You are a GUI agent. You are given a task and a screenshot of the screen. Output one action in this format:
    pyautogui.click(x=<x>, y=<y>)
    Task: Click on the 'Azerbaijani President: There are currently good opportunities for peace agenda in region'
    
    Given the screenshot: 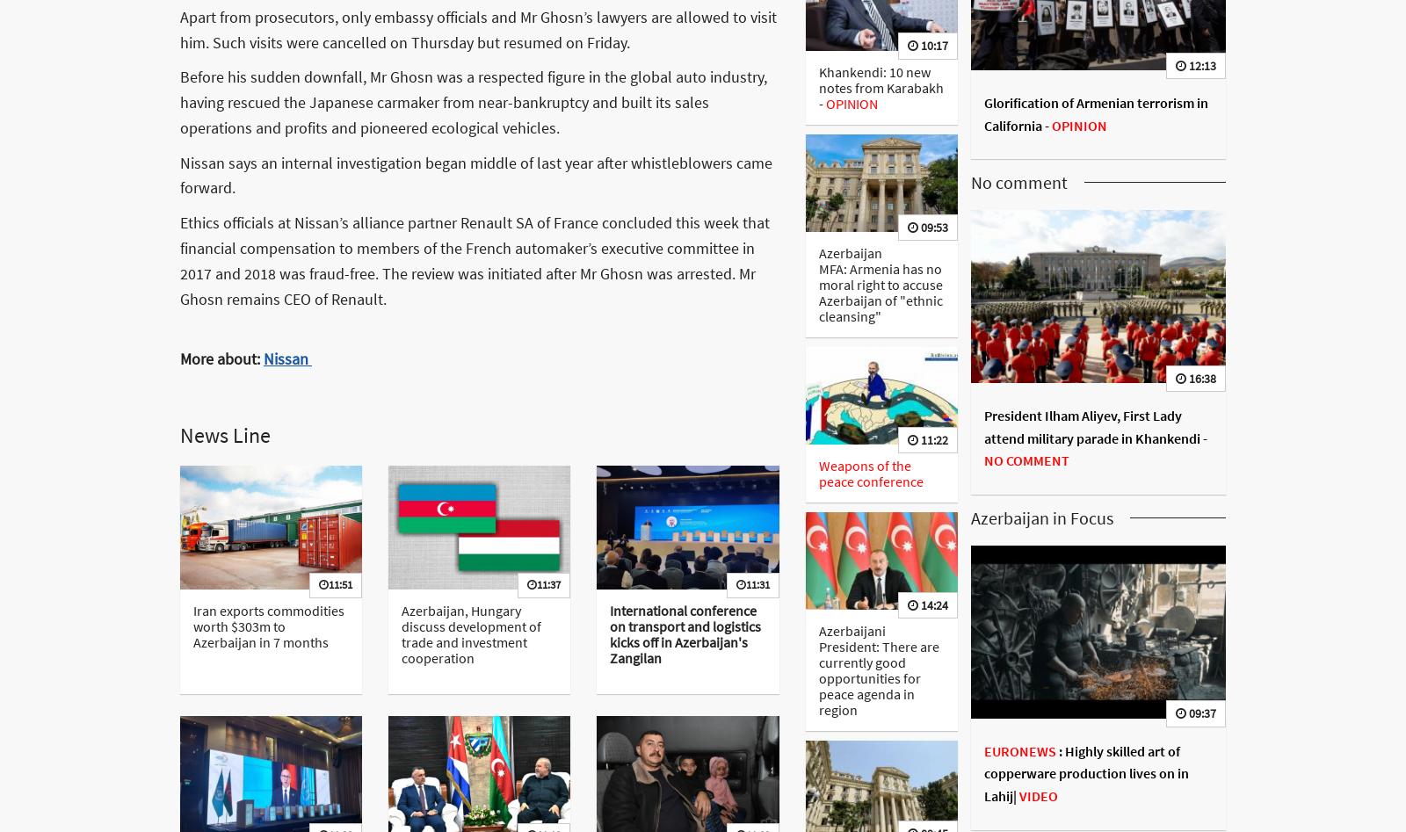 What is the action you would take?
    pyautogui.click(x=877, y=669)
    